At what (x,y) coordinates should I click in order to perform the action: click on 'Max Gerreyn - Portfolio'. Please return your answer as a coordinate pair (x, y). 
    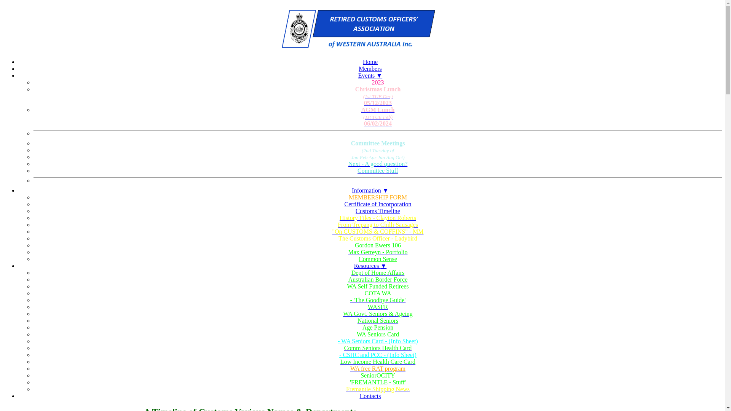
    Looking at the image, I should click on (378, 252).